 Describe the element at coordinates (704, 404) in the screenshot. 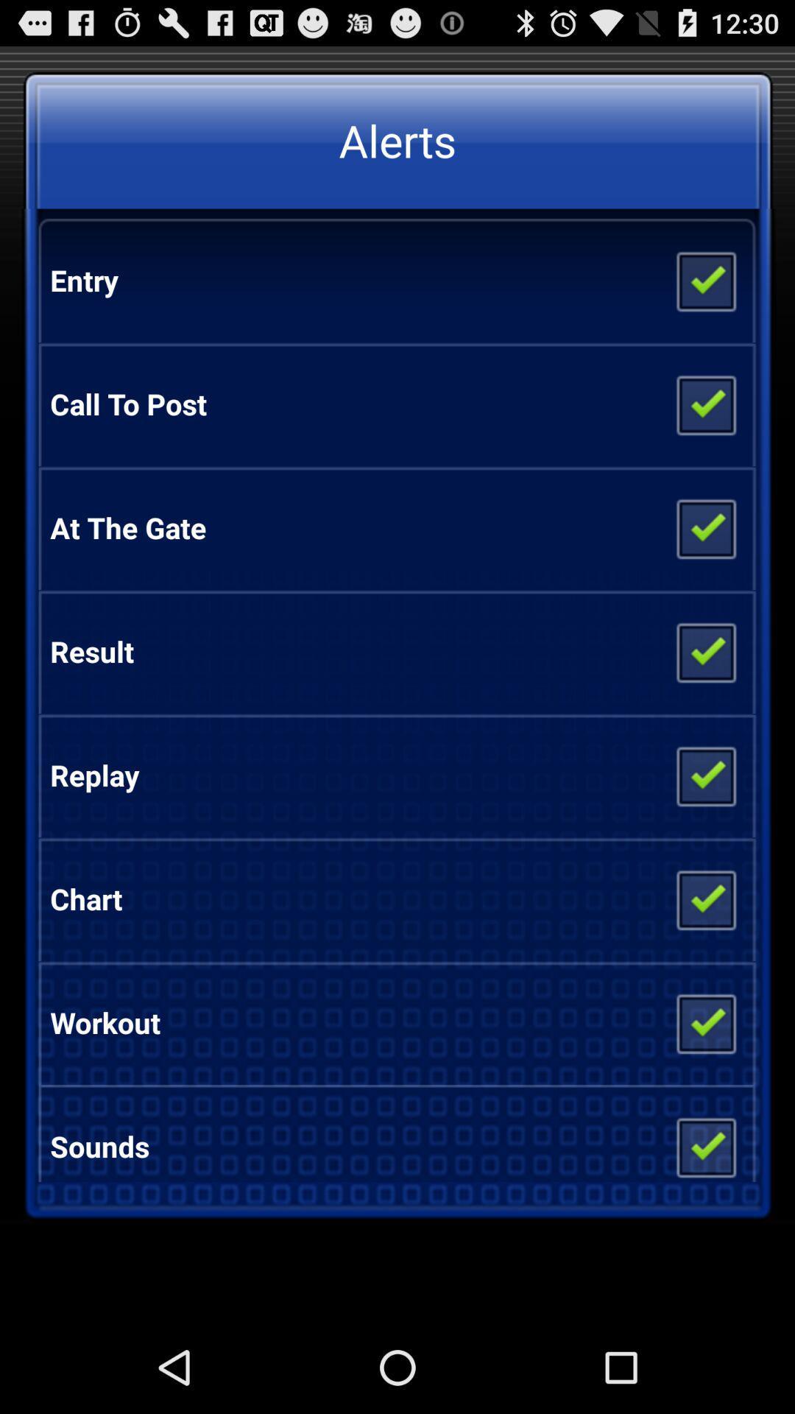

I see `item to the right of call to post app` at that location.